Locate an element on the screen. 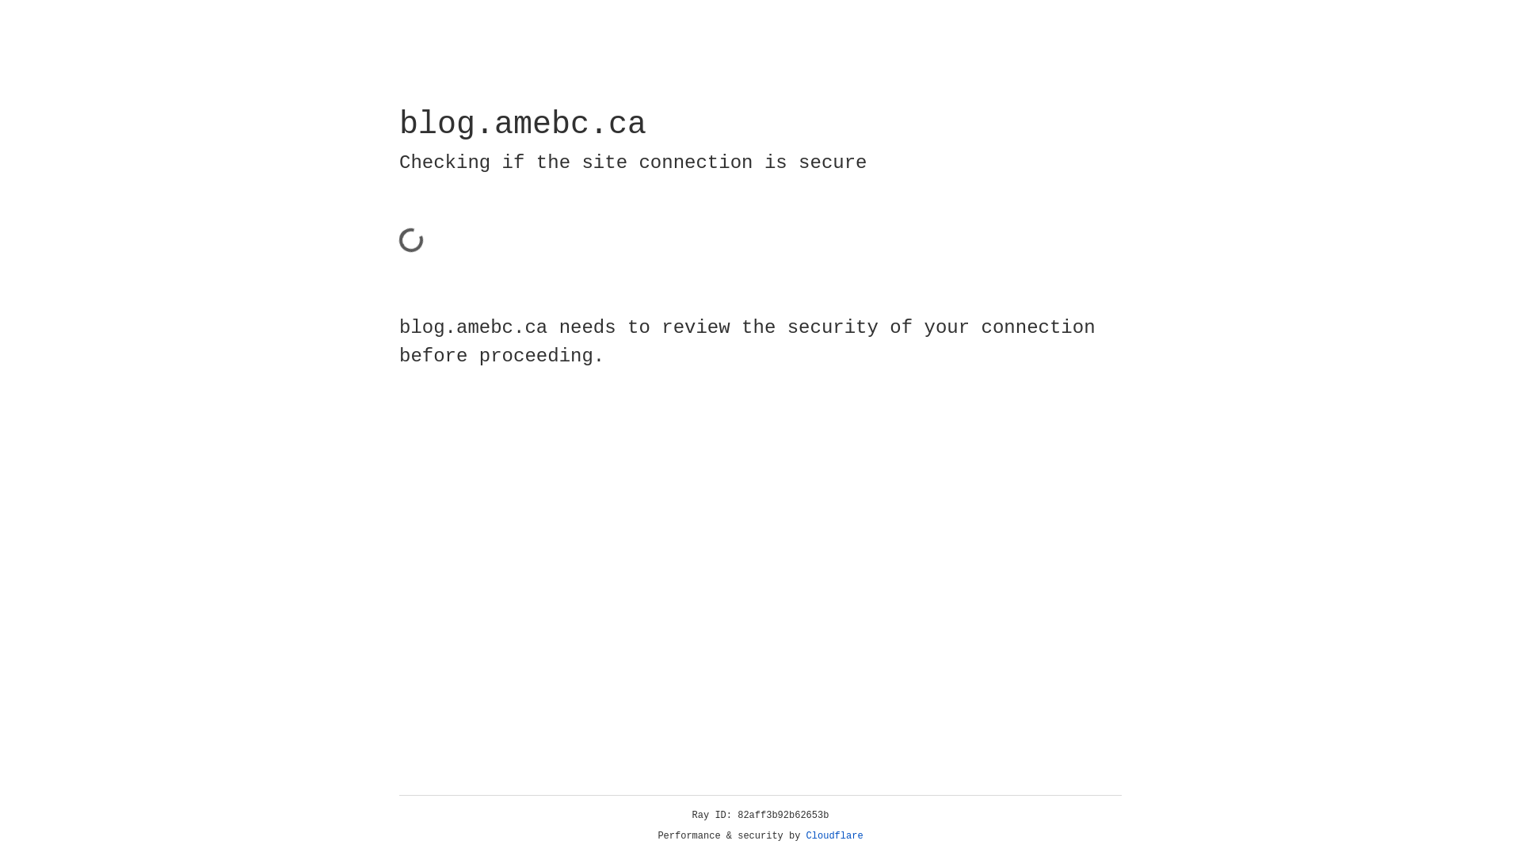 This screenshot has width=1521, height=856. 'Cloudflare' is located at coordinates (806, 835).